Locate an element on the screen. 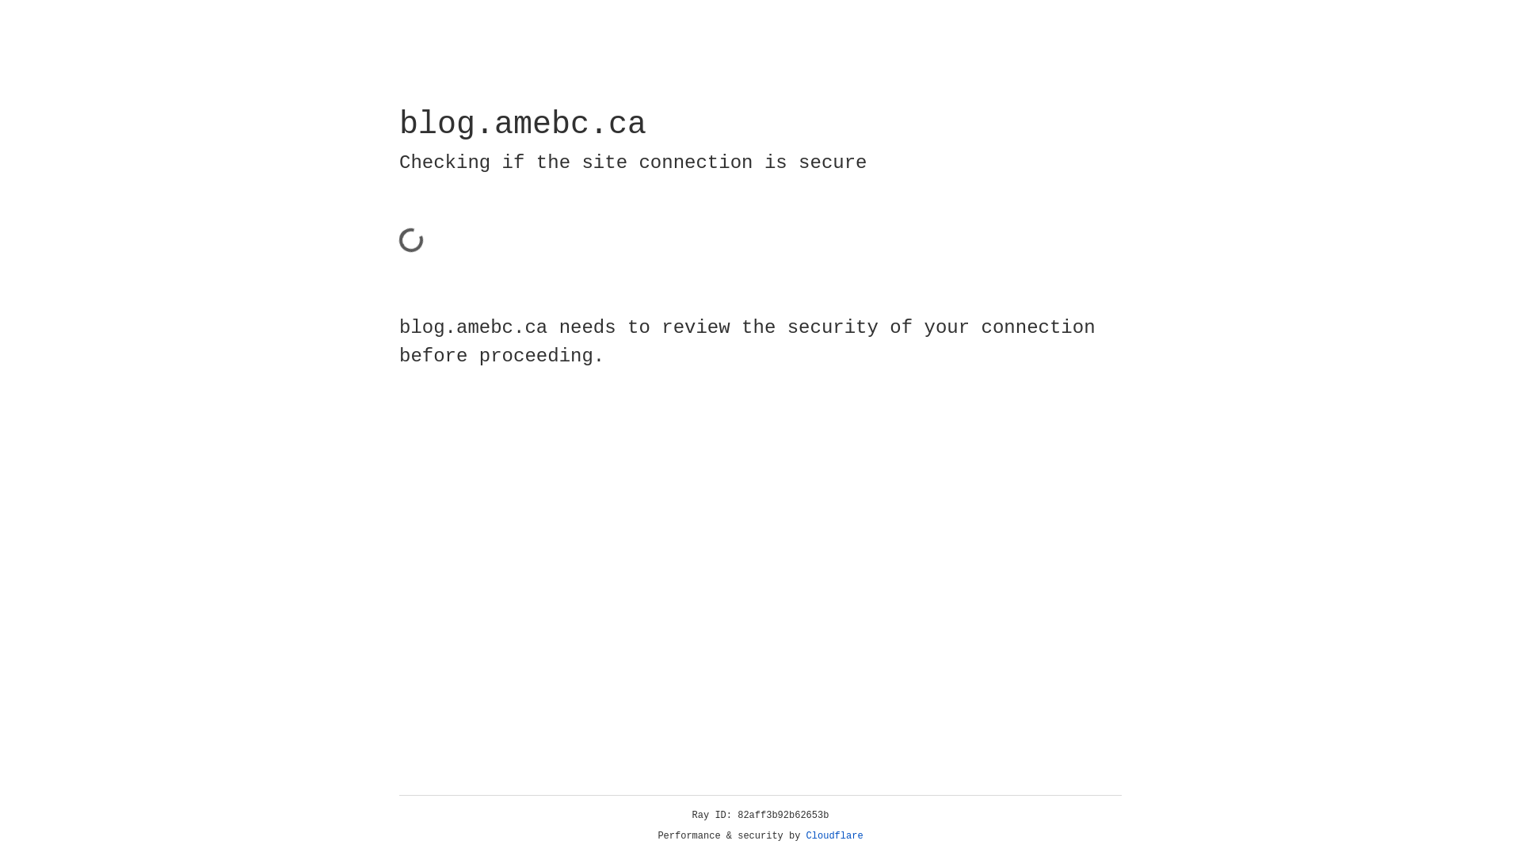 This screenshot has width=1521, height=856. 'Cloudflare' is located at coordinates (806, 835).